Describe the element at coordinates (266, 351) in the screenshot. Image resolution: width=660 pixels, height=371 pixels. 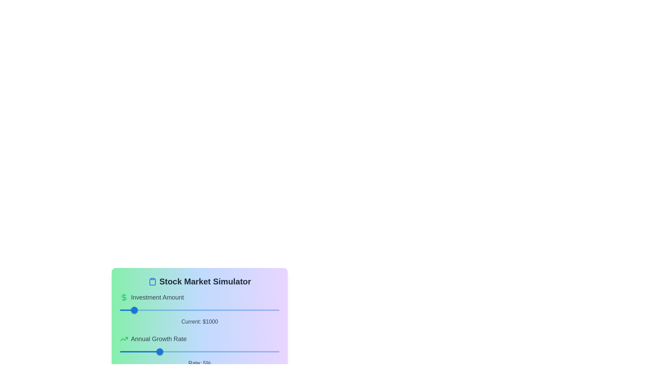
I see `the annual growth rate` at that location.